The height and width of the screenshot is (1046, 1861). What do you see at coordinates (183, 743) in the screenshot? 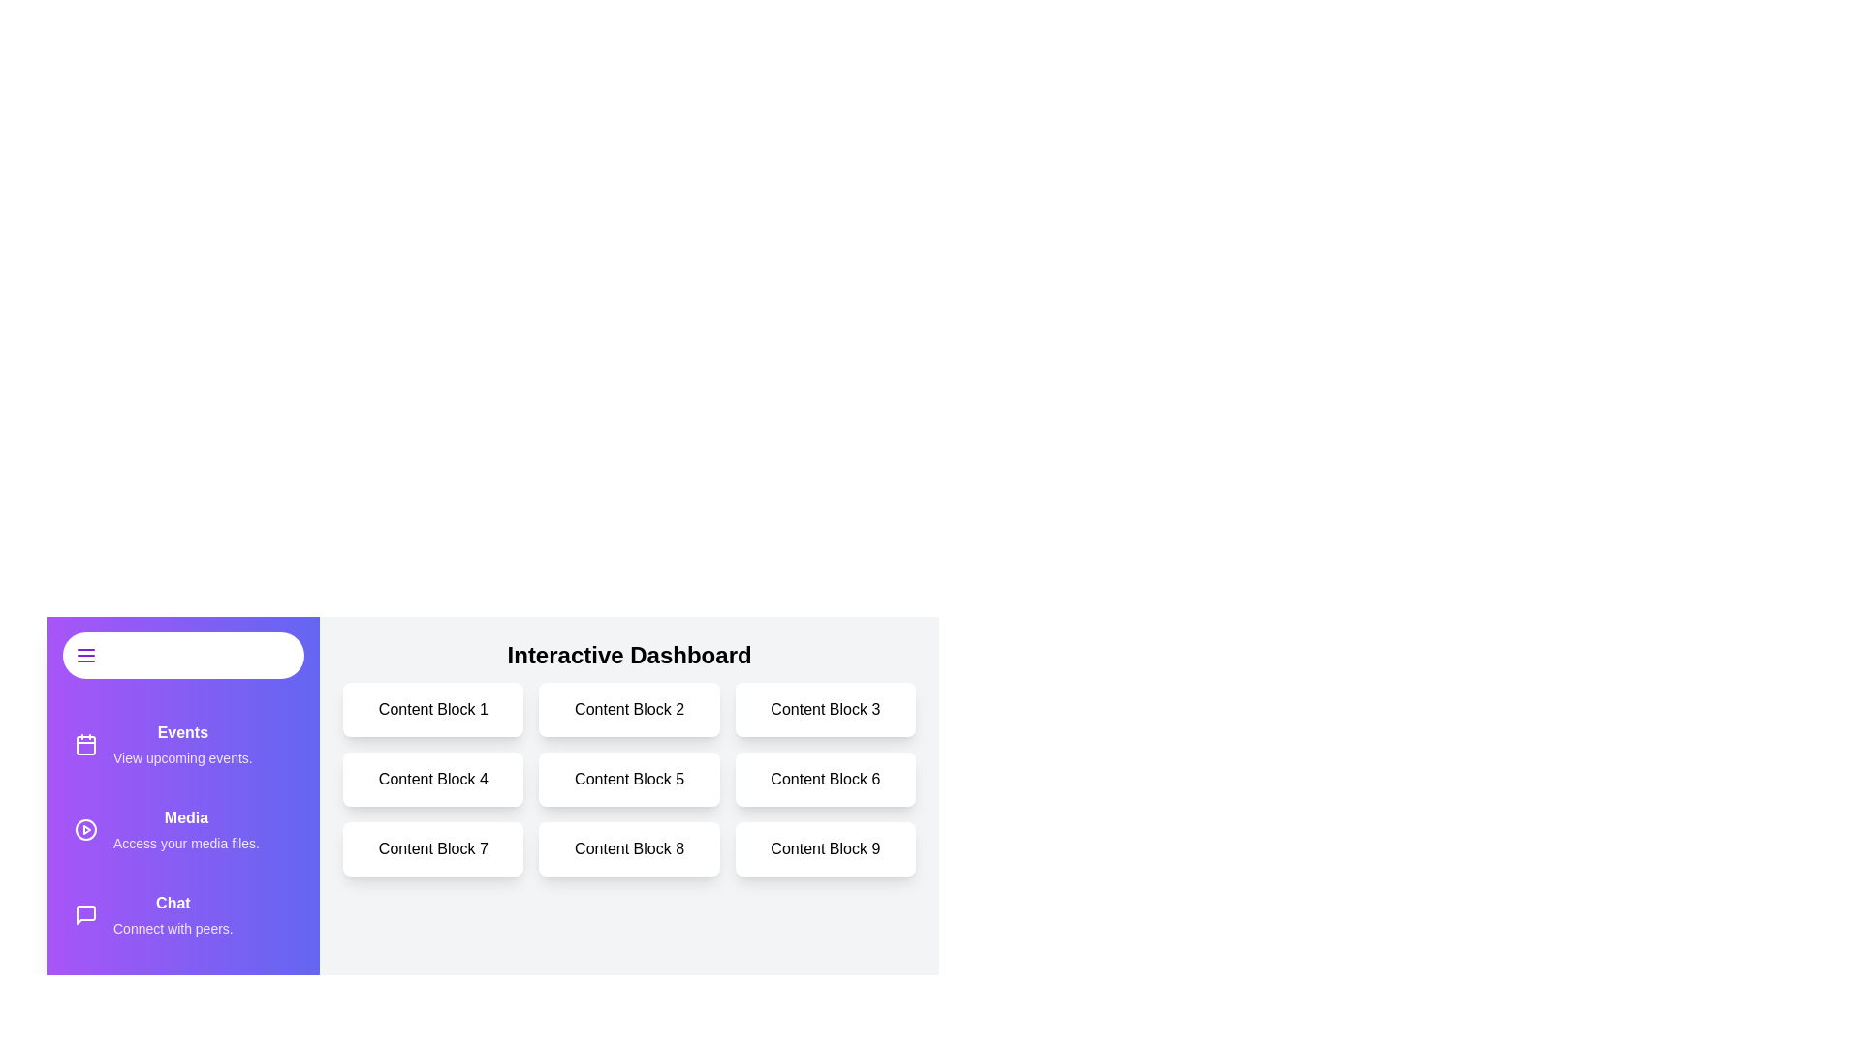
I see `the drawer item corresponding to Events` at bounding box center [183, 743].